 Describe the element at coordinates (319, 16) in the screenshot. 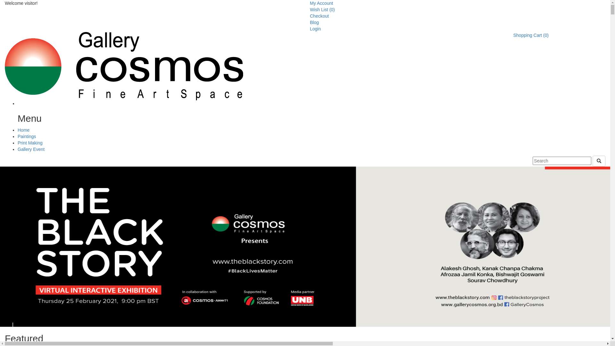

I see `'Checkout'` at that location.